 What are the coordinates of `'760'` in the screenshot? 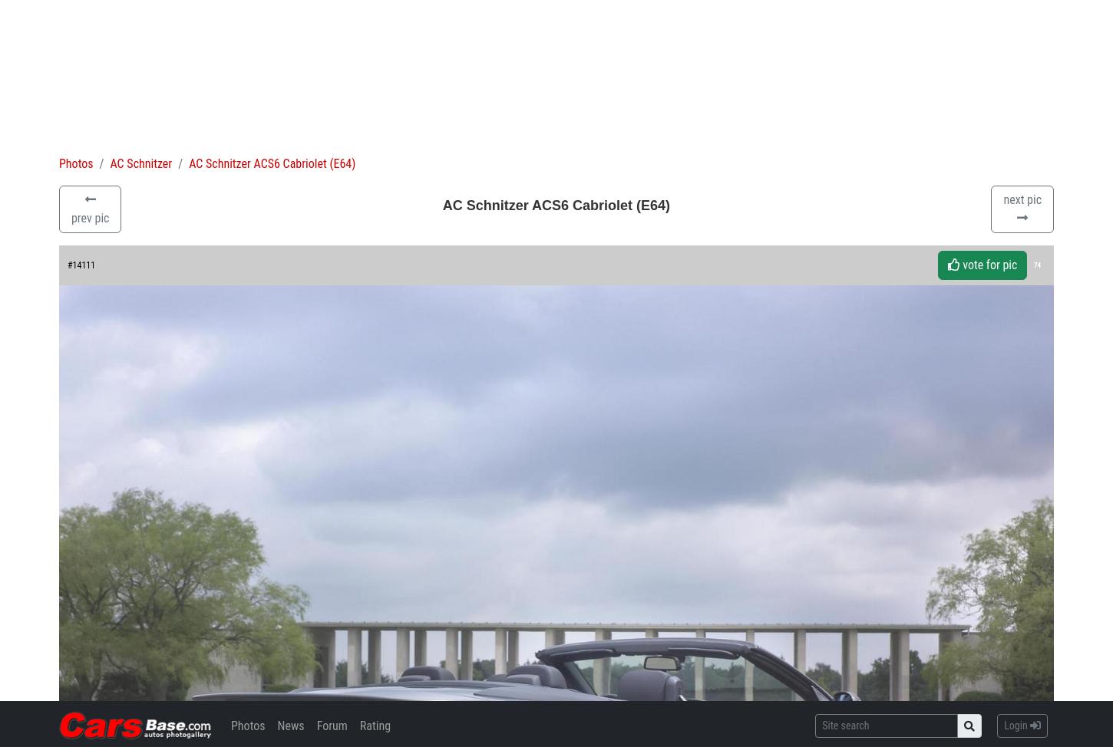 It's located at (1020, 614).